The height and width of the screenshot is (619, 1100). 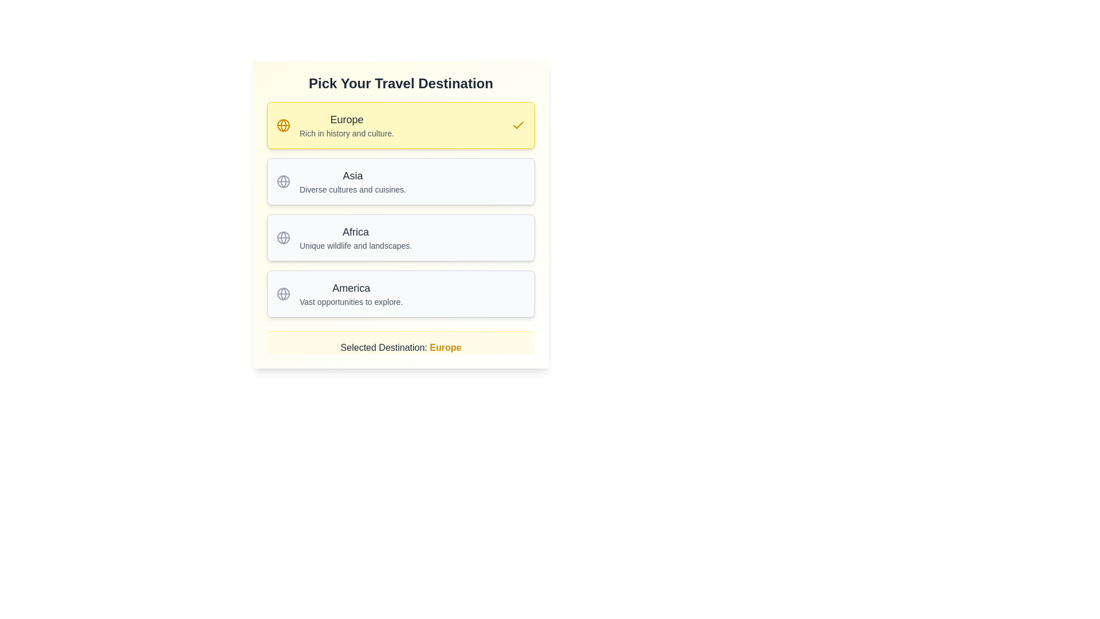 What do you see at coordinates (445, 347) in the screenshot?
I see `the bold yellow text label 'Europe' which indicates the selected destination in the interface` at bounding box center [445, 347].